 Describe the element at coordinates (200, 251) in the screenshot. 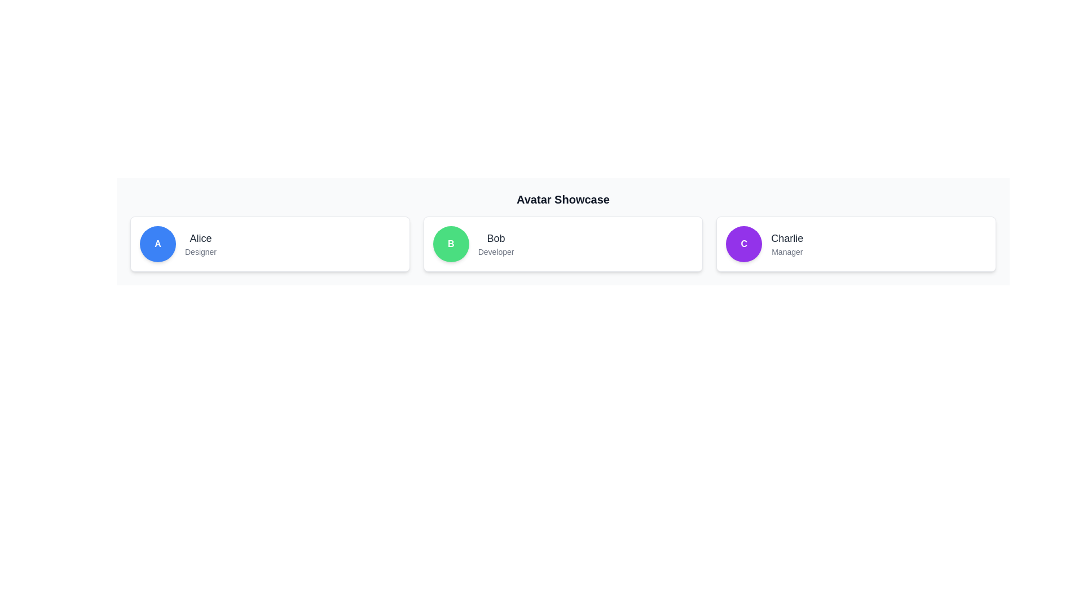

I see `the Text label indicating the profession or role of the individual 'Alice' in the card, which is positioned below the name label 'Alice'` at that location.